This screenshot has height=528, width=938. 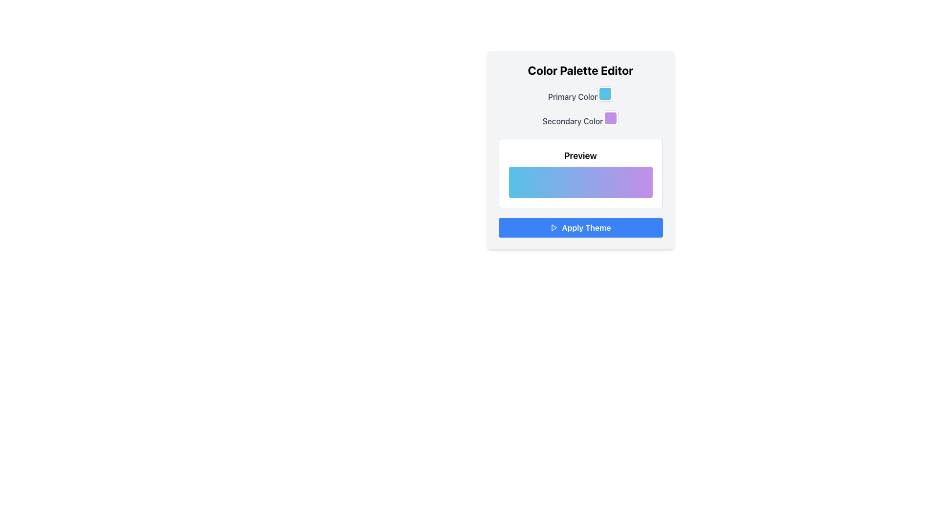 What do you see at coordinates (605, 94) in the screenshot?
I see `the color picker swatch located in the top-middle section of the interface, to the right of the 'Primary Color' label` at bounding box center [605, 94].